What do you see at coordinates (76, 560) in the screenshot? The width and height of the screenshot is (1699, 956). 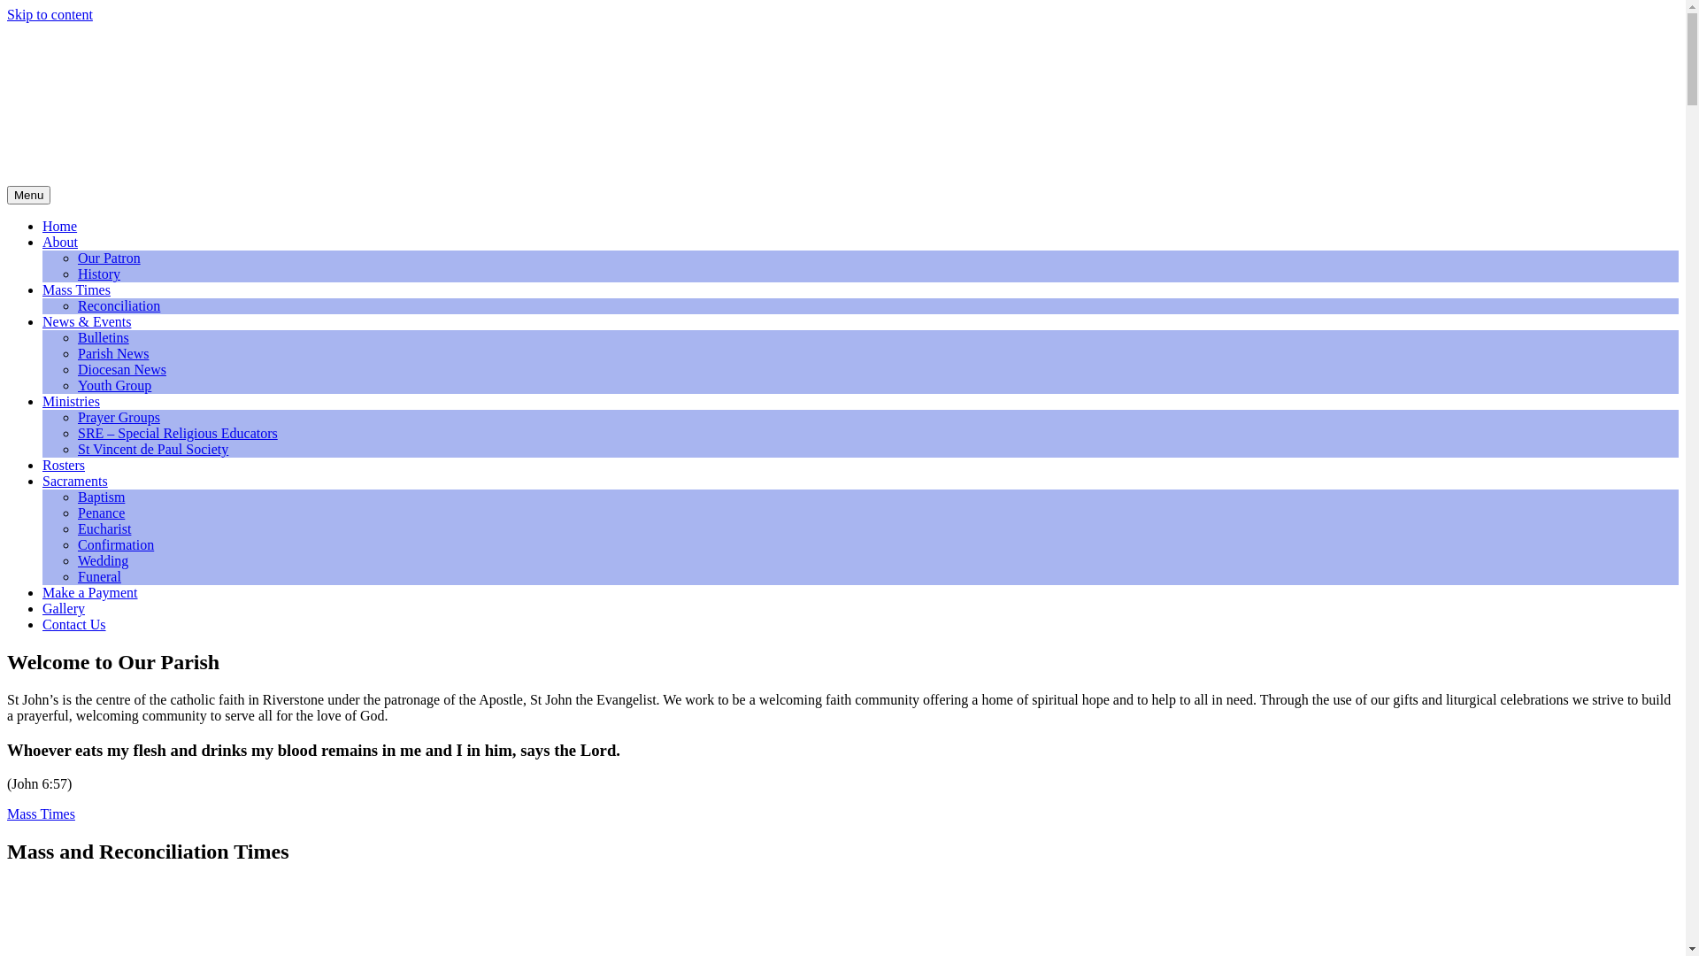 I see `'Wedding'` at bounding box center [76, 560].